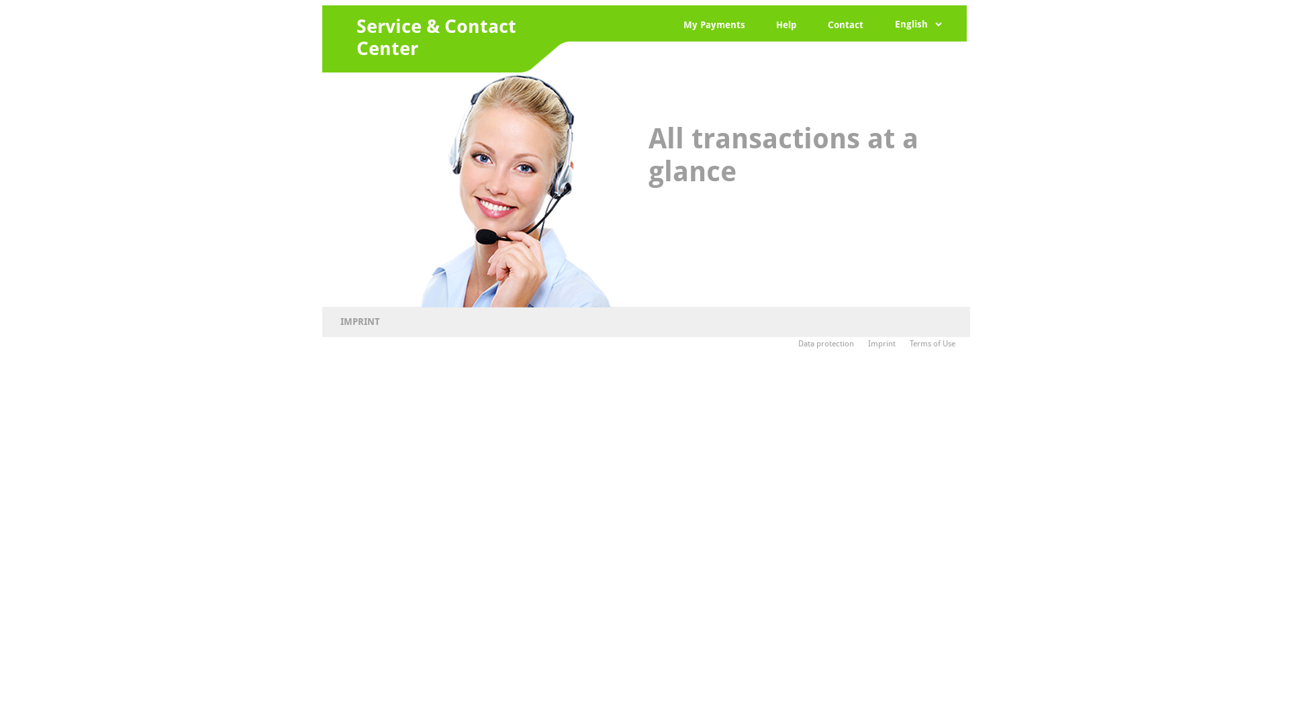 This screenshot has height=725, width=1289. I want to click on 'Data protection', so click(830, 343).